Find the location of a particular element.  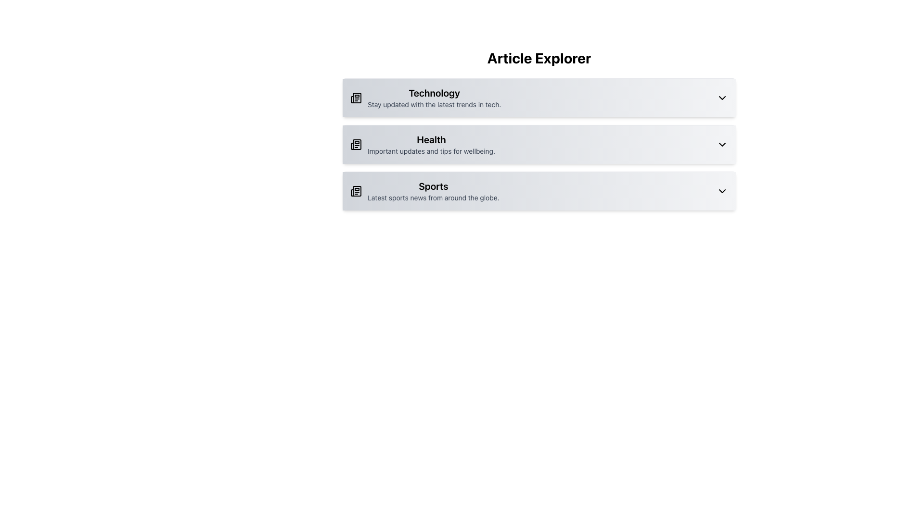

the 'Sports' category entry in the navigation list is located at coordinates (433, 191).